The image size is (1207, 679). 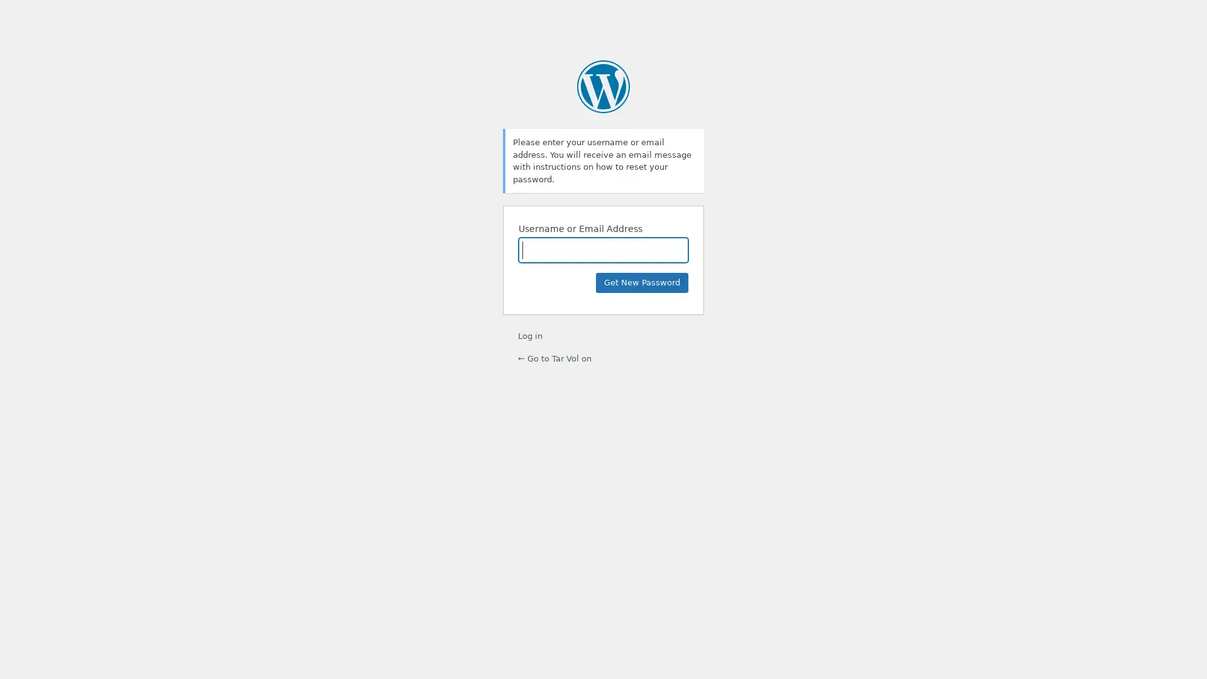 I want to click on Get New Password, so click(x=642, y=283).